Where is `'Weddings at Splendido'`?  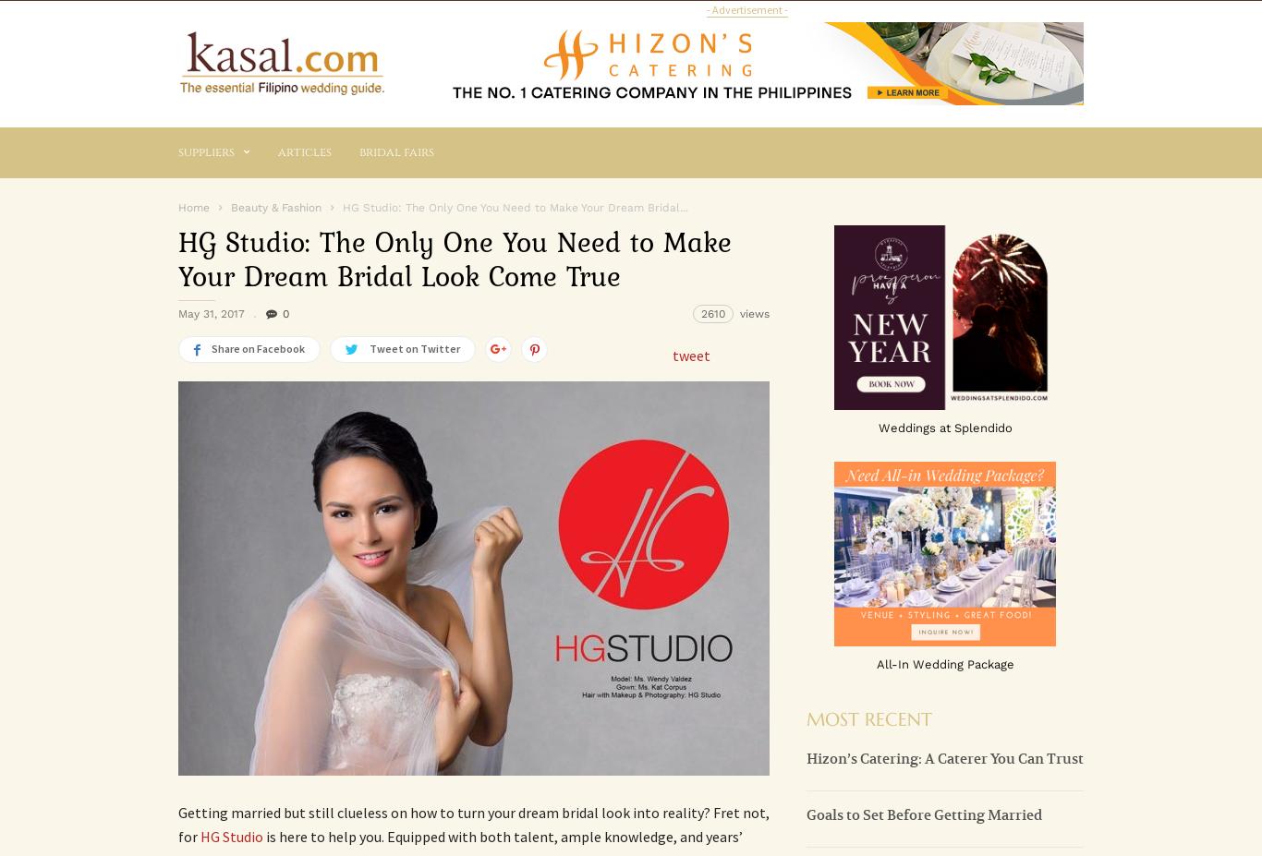
'Weddings at Splendido' is located at coordinates (878, 426).